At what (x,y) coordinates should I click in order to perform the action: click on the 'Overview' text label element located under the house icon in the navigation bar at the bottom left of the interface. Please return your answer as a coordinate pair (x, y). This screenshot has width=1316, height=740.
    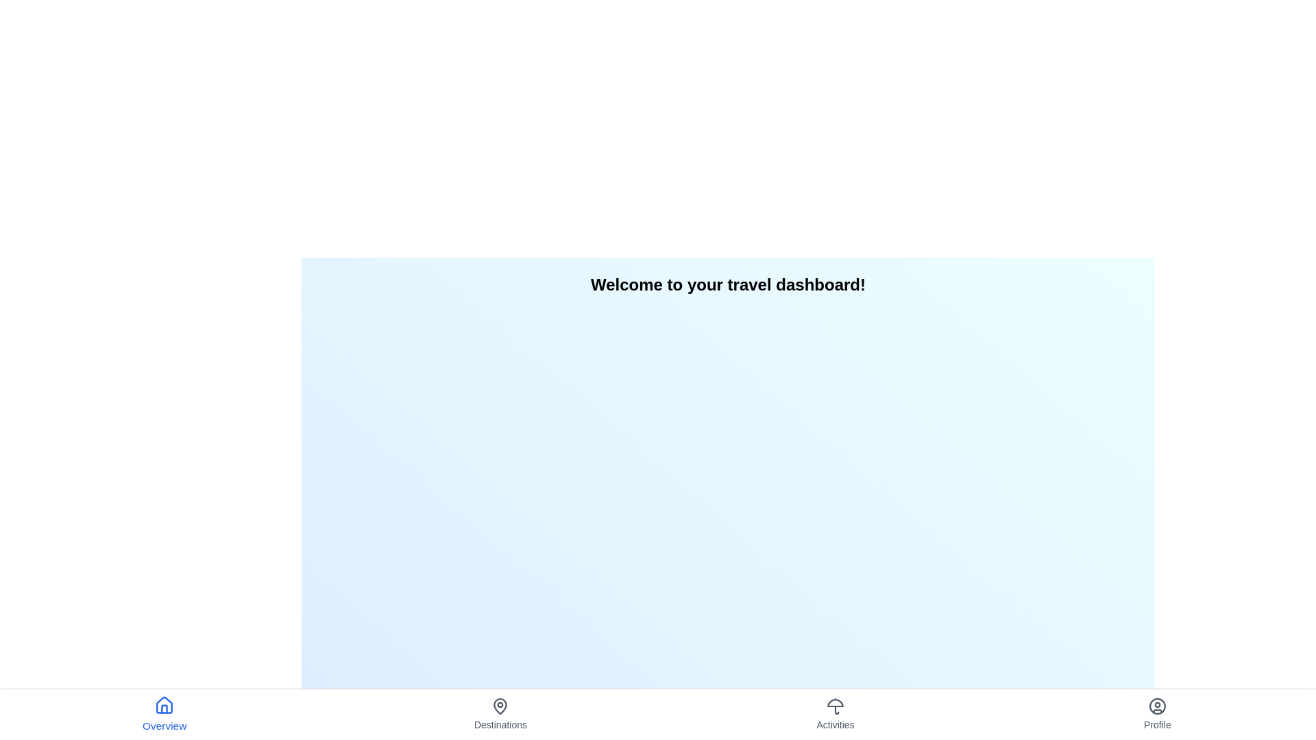
    Looking at the image, I should click on (164, 725).